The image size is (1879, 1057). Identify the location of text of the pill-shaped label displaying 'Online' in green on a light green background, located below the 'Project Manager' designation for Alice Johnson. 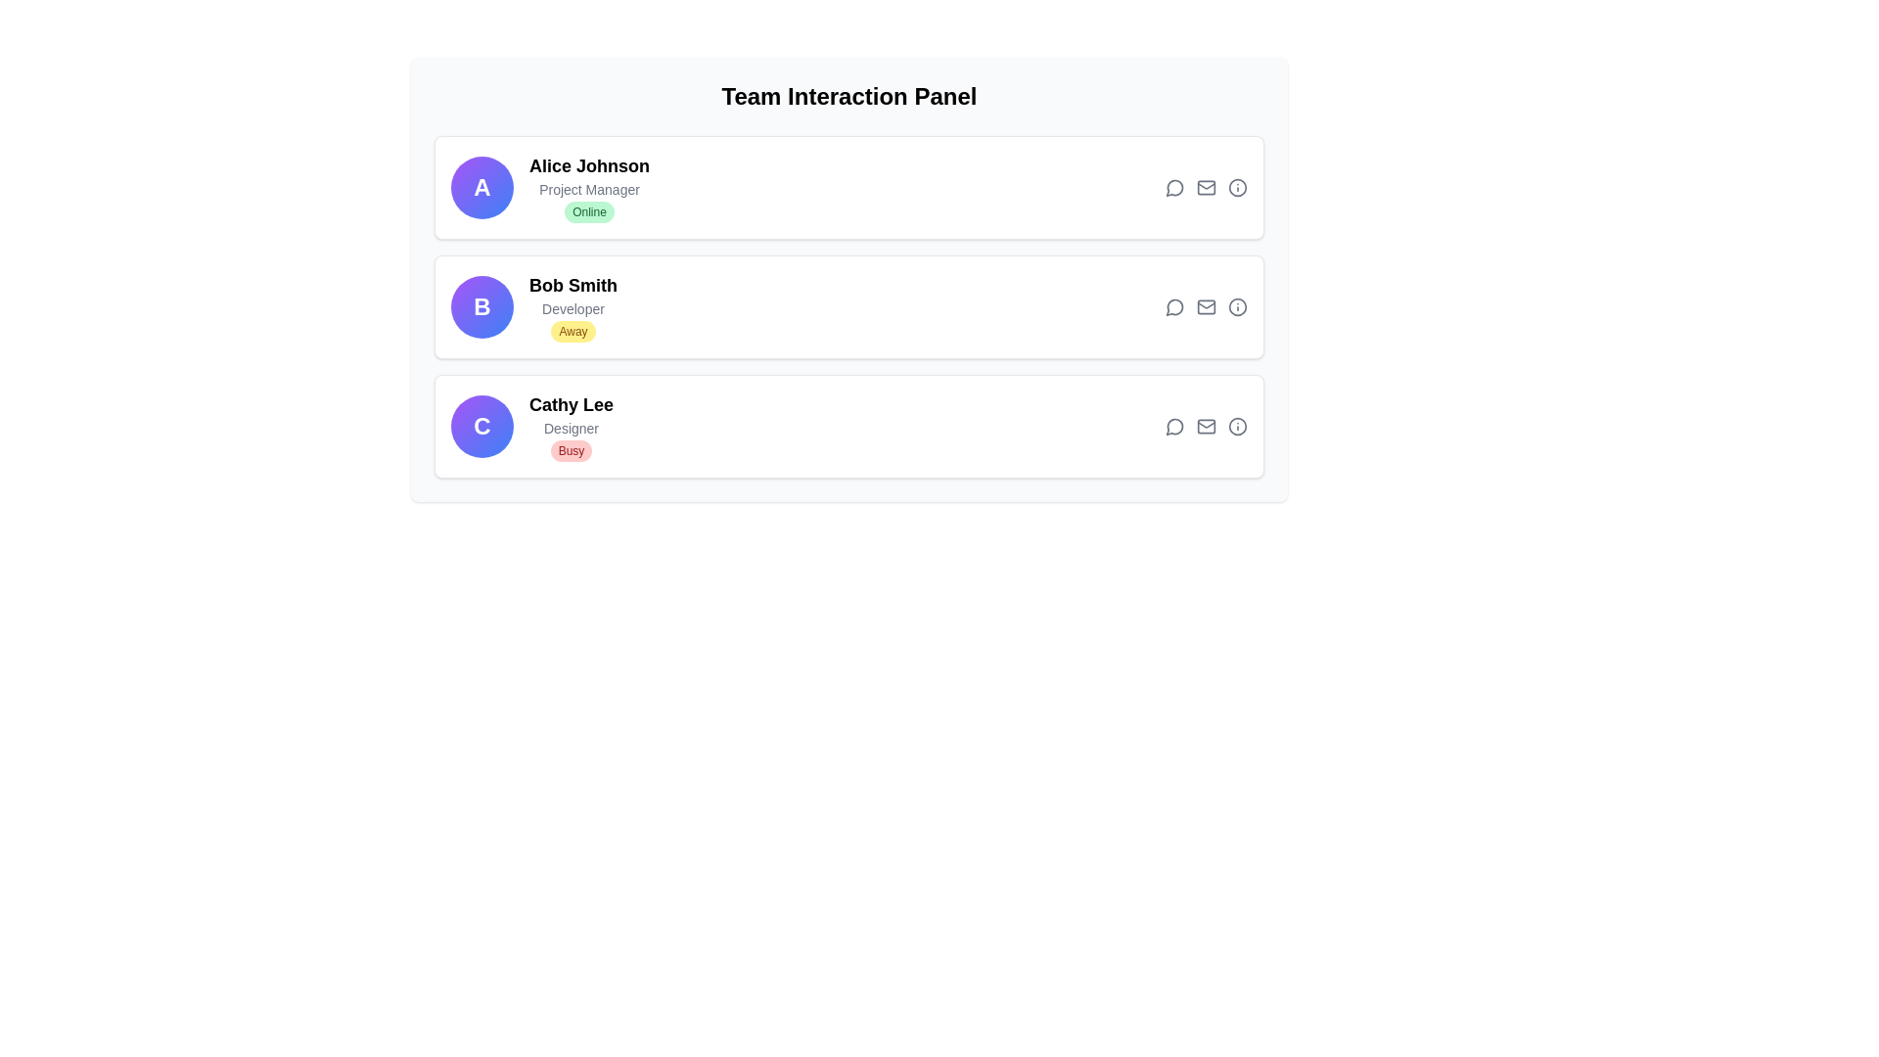
(588, 211).